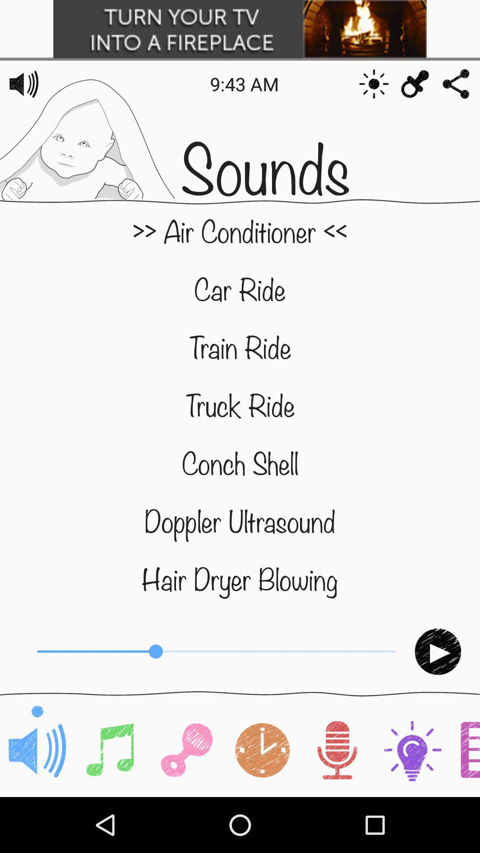  I want to click on the share icon, so click(456, 84).